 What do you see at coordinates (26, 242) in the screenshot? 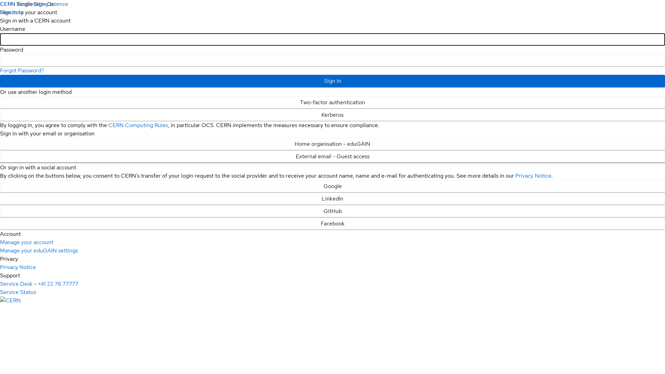
I see `'Manage your account'` at bounding box center [26, 242].